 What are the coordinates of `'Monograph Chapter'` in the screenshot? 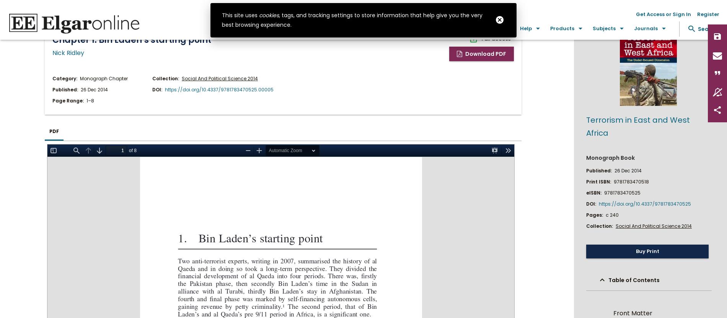 It's located at (103, 78).